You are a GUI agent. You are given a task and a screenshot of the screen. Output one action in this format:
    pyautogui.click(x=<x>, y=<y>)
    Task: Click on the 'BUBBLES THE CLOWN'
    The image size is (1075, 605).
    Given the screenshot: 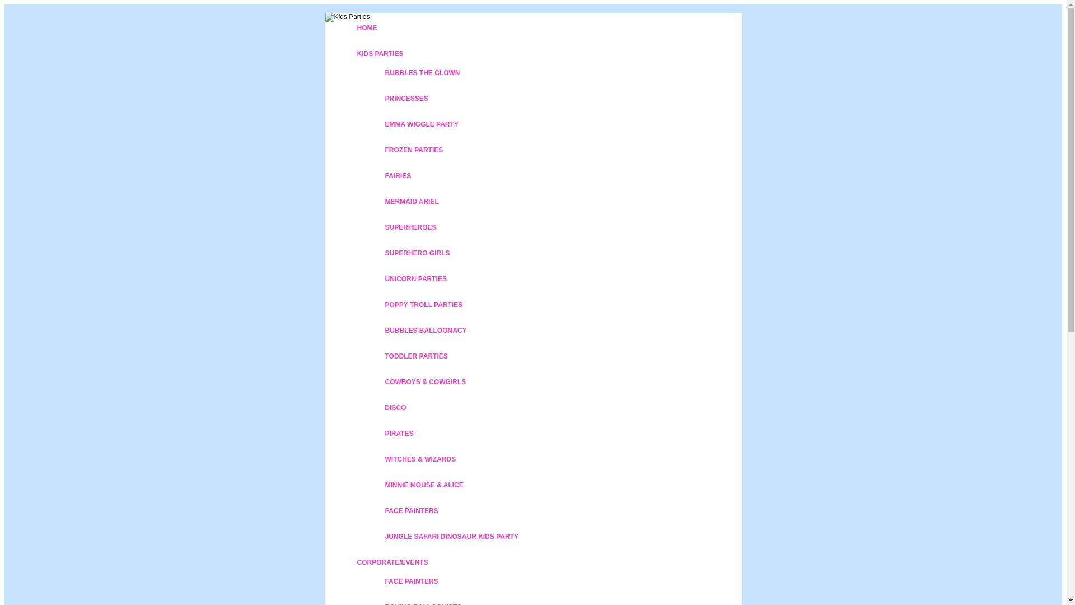 What is the action you would take?
    pyautogui.click(x=421, y=73)
    